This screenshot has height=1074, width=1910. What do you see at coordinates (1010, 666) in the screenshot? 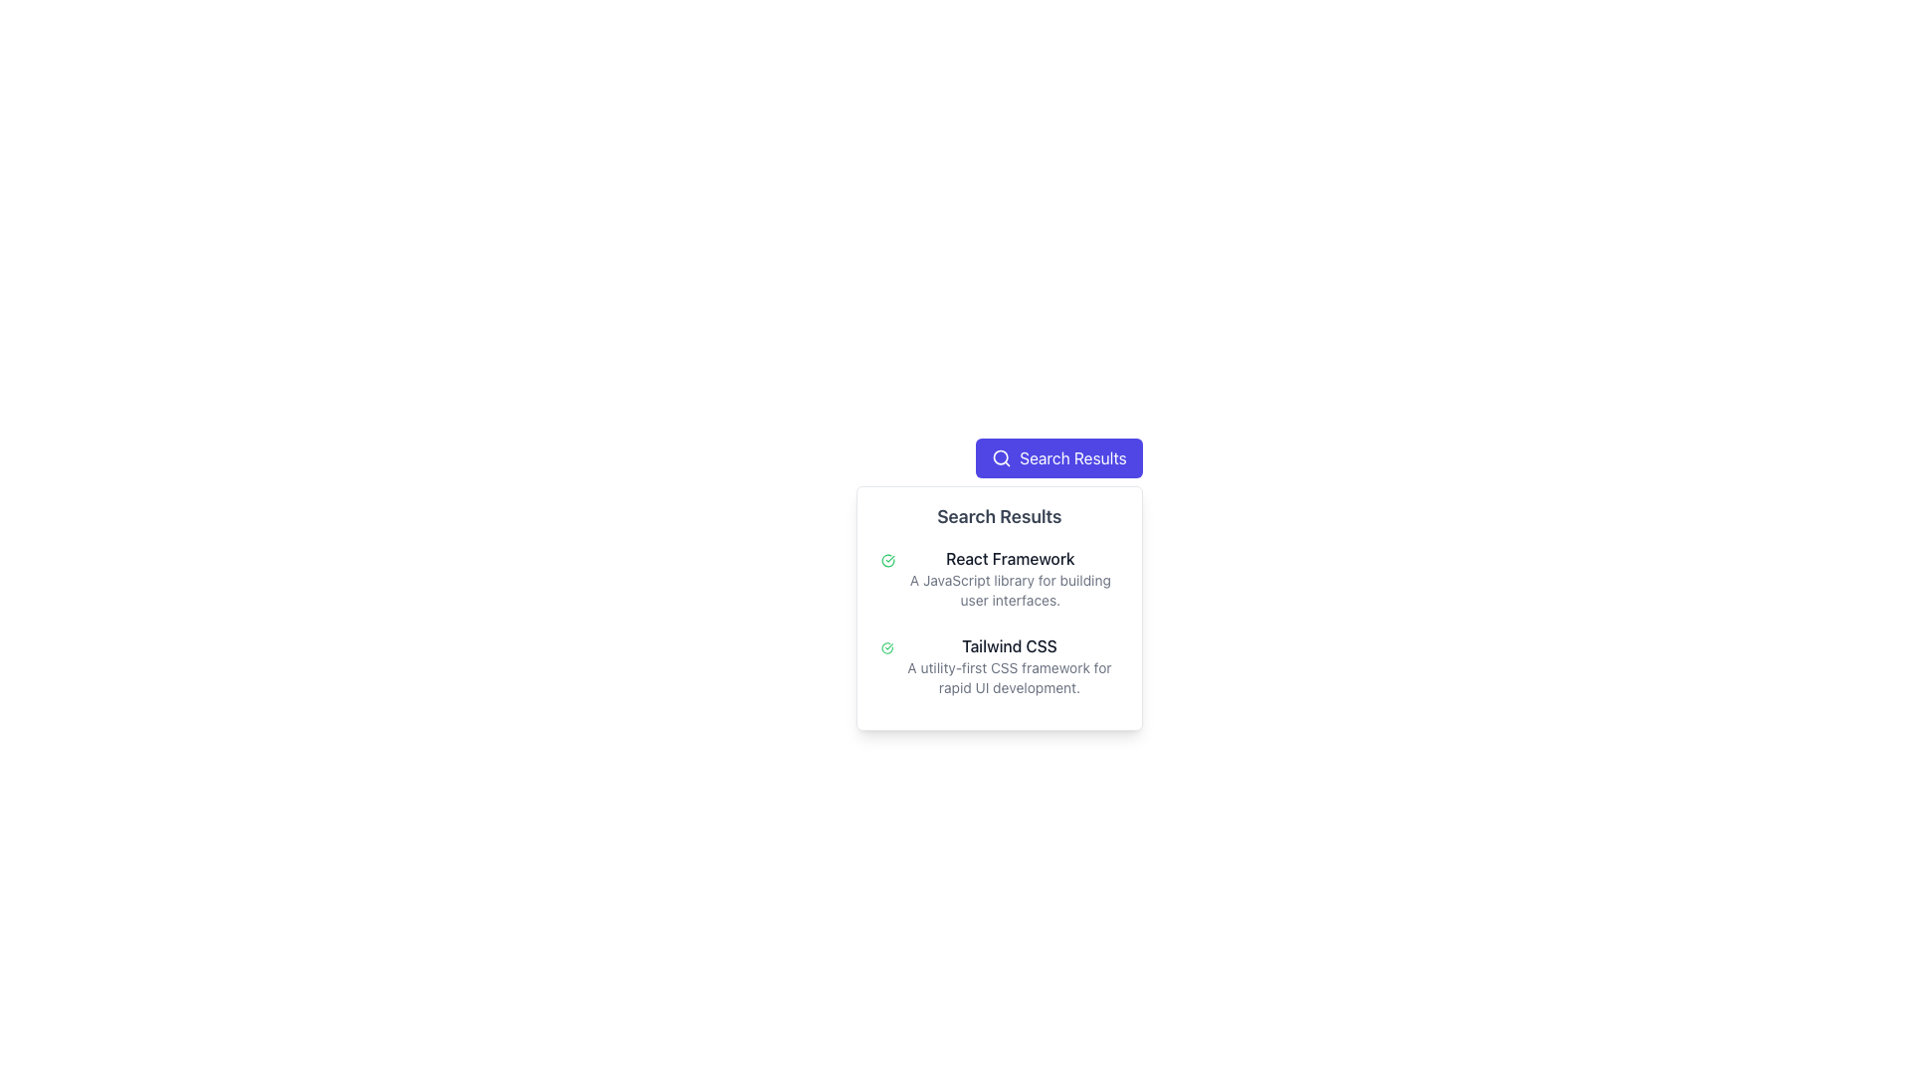
I see `the text block containing 'Tailwind CSS' and its description in the search results section, which is the second item listed under 'React Framework'` at bounding box center [1010, 666].